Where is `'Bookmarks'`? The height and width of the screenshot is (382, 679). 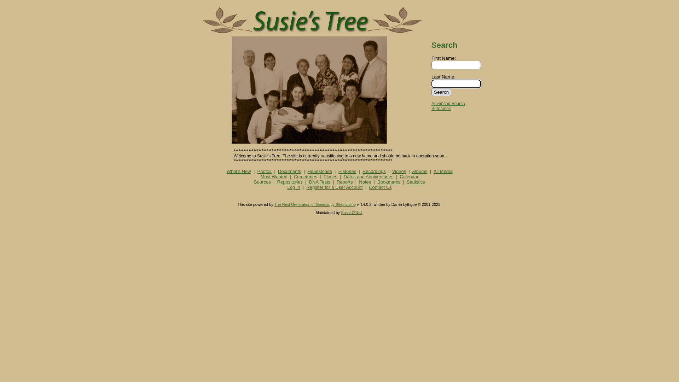
'Bookmarks' is located at coordinates (388, 181).